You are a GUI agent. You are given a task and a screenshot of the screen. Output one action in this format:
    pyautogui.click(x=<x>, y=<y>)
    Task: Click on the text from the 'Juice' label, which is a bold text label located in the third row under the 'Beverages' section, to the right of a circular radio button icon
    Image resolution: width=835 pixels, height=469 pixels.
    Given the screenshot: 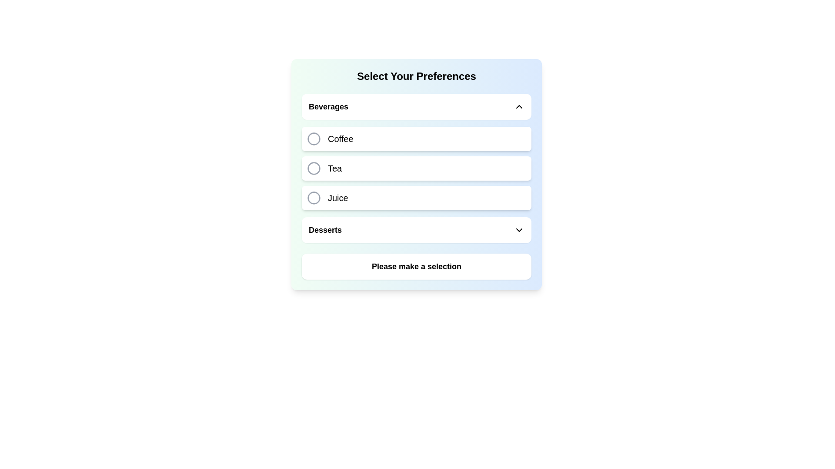 What is the action you would take?
    pyautogui.click(x=337, y=198)
    